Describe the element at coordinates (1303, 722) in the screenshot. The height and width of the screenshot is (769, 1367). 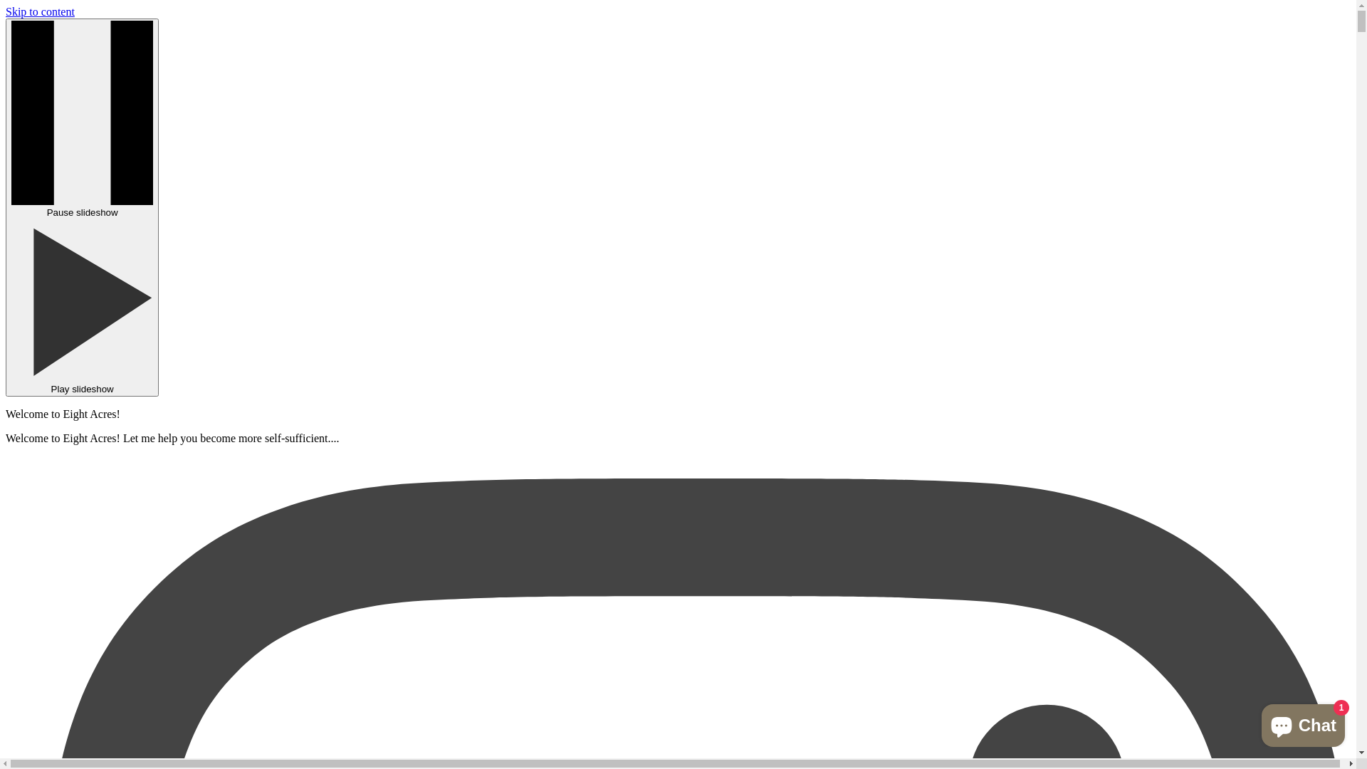
I see `'Shopify online store chat'` at that location.